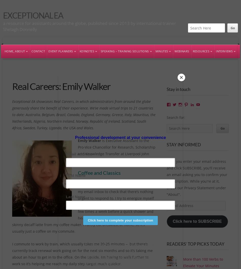 Image resolution: width=241 pixels, height=269 pixels. Describe the element at coordinates (83, 115) in the screenshot. I see `'Exceptional EA showcases Real Careers, in which administrators from around the globe generously share the benefit of their experience. We’ve made virtual trips to 21 countries to date: Australia, Belgium, Brazil, Canada, England, Germany, Greece, Italy, Mauritius, the Netherlands, Nigeria, Northern Ireland, Norway, Republic of Ireland, Scotland, South Africa, Sweden, Turkey, Uganda, the USA and Wales.'` at that location.